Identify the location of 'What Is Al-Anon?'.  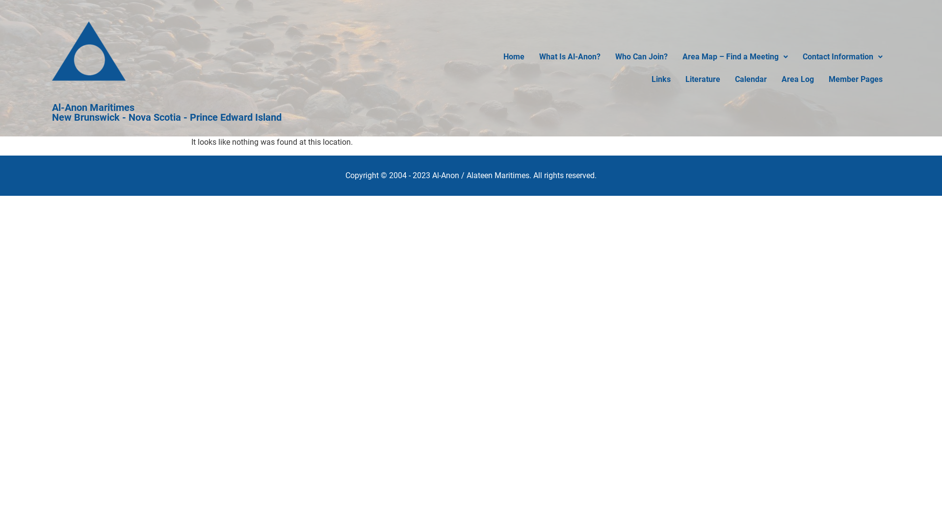
(570, 56).